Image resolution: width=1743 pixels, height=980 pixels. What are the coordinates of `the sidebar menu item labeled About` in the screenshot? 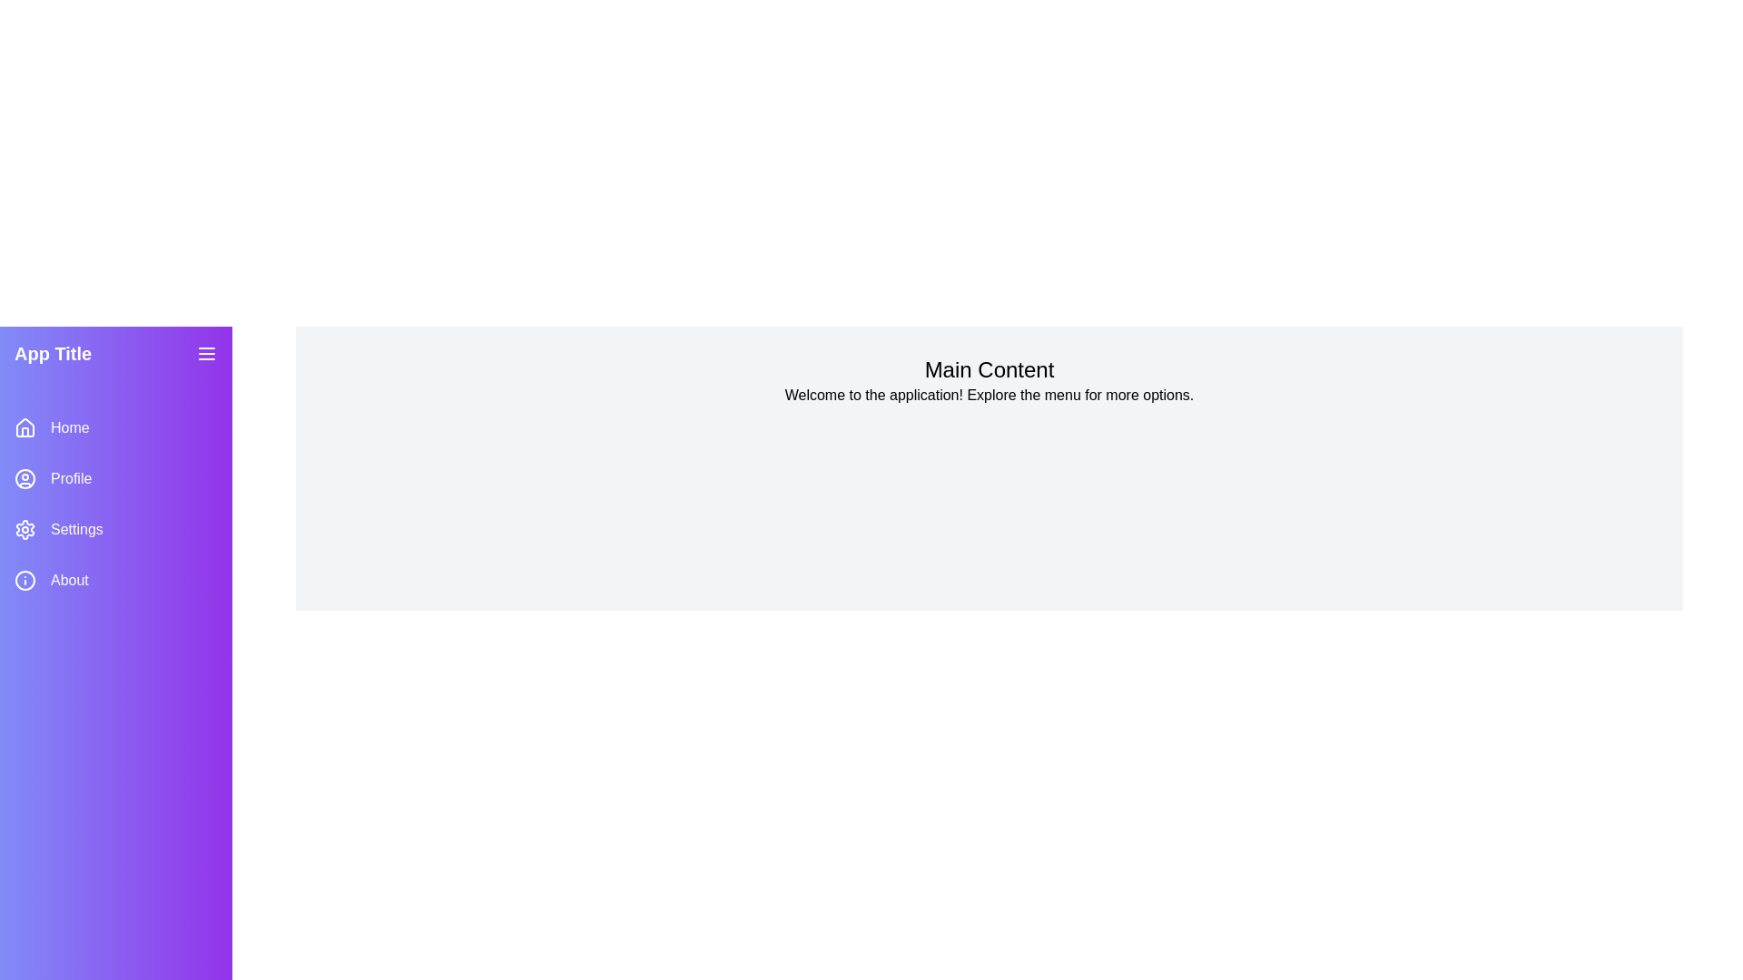 It's located at (115, 581).